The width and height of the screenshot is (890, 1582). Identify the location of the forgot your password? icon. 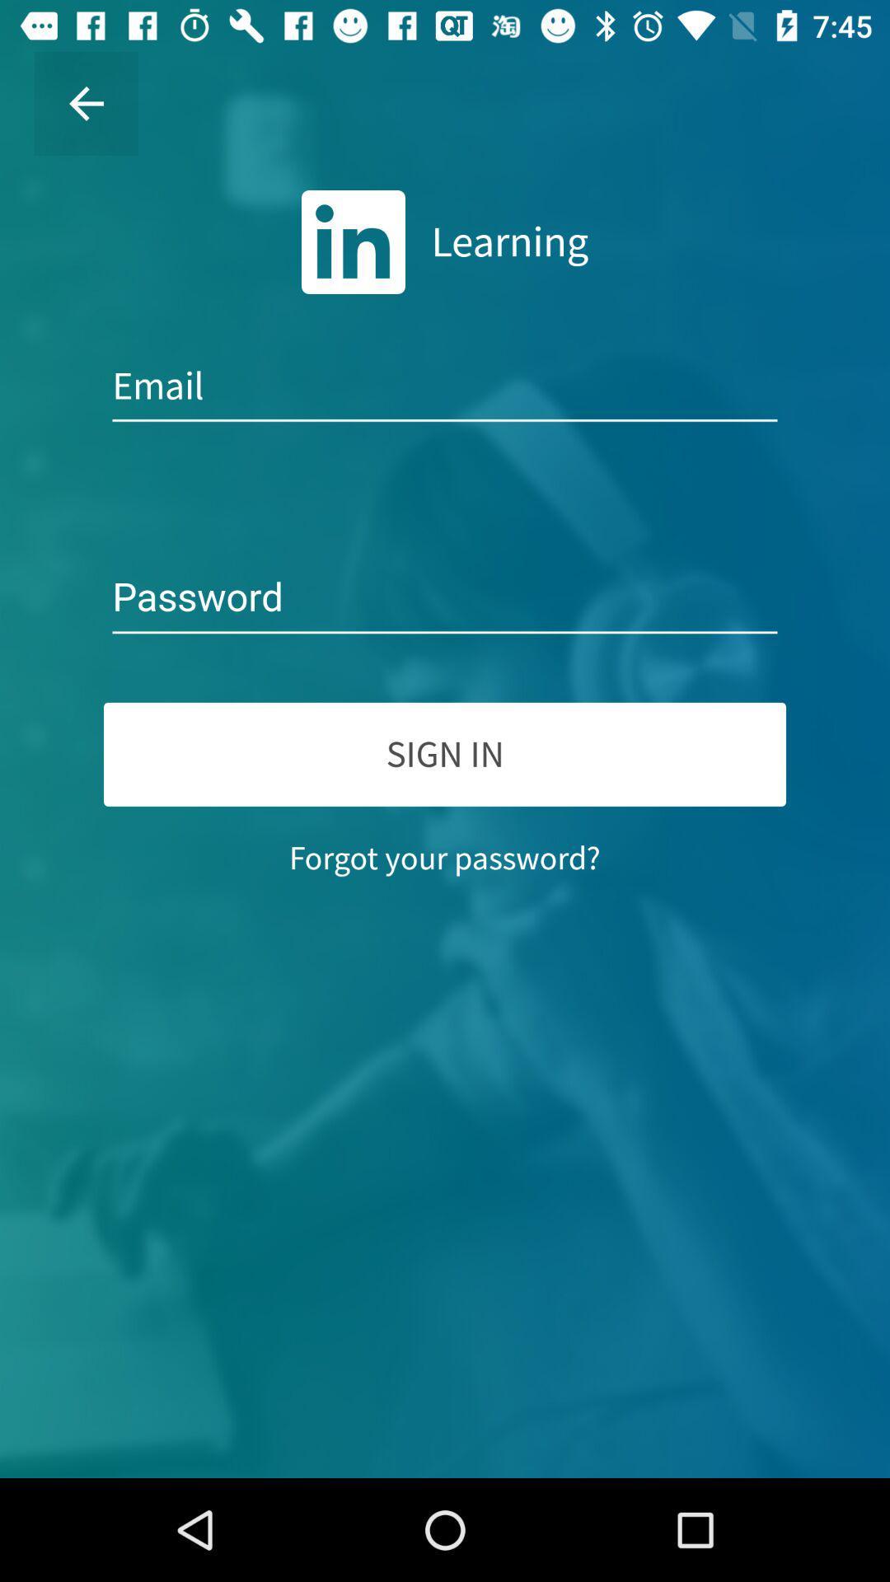
(445, 857).